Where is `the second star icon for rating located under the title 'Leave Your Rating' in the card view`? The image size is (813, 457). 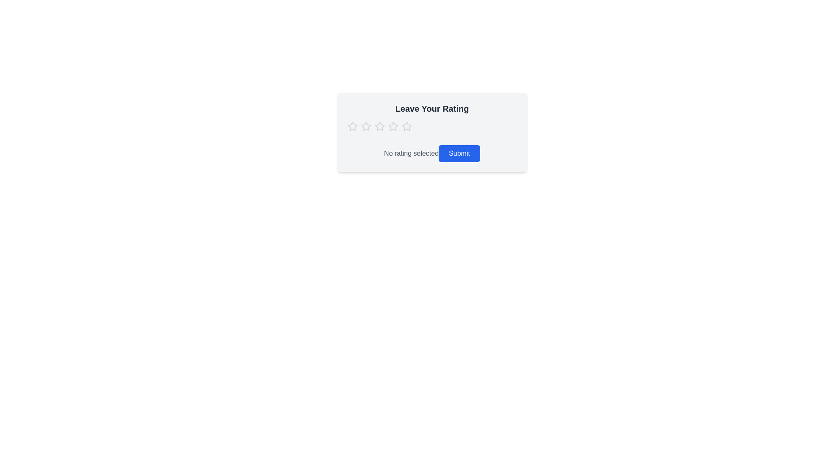 the second star icon for rating located under the title 'Leave Your Rating' in the card view is located at coordinates (393, 126).